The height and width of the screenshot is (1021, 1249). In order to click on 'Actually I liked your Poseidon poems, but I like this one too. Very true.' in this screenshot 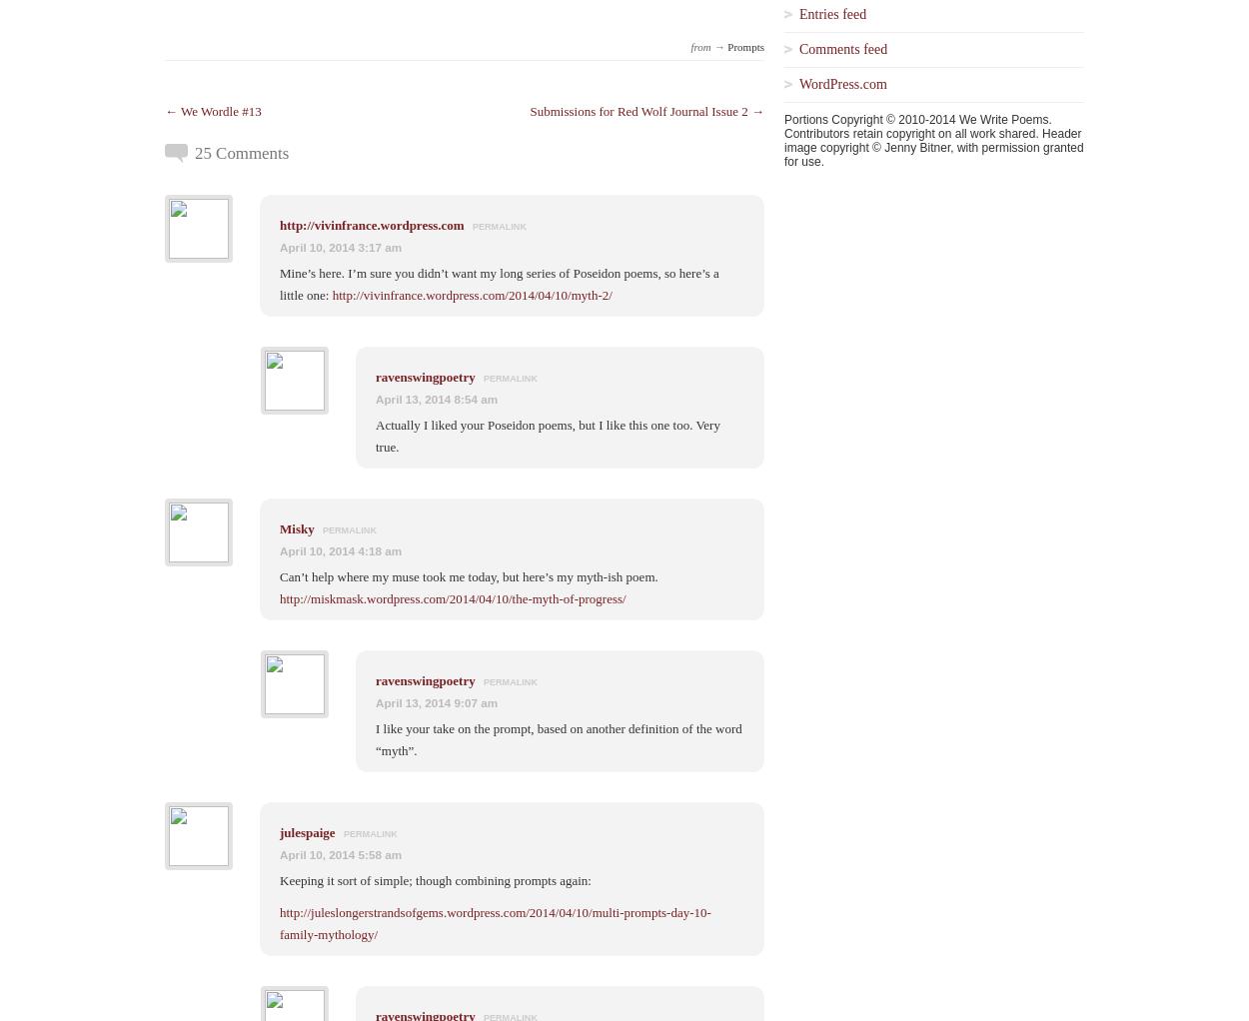, I will do `click(376, 435)`.